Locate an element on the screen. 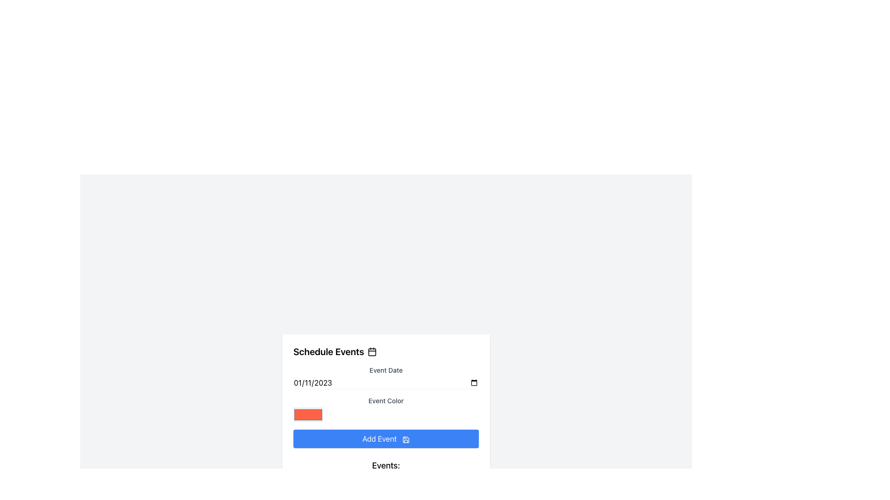 The width and height of the screenshot is (890, 500). label element that provides context for the date input field under the header 'Schedule Events' is located at coordinates (386, 369).